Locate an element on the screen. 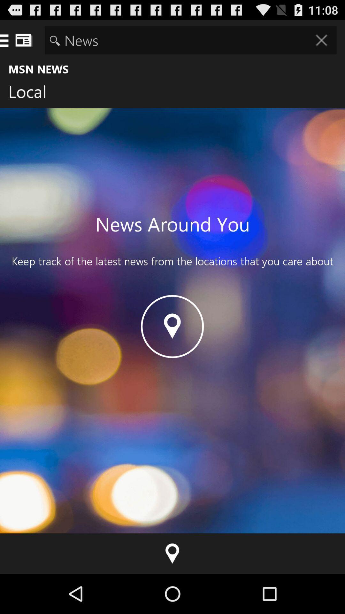 Image resolution: width=345 pixels, height=614 pixels. the item above msn news item is located at coordinates (190, 40).